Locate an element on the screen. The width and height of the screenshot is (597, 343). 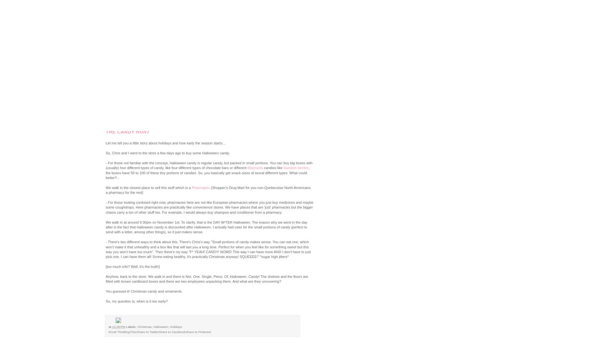
'Vintage paper Packs' is located at coordinates (41, 106).